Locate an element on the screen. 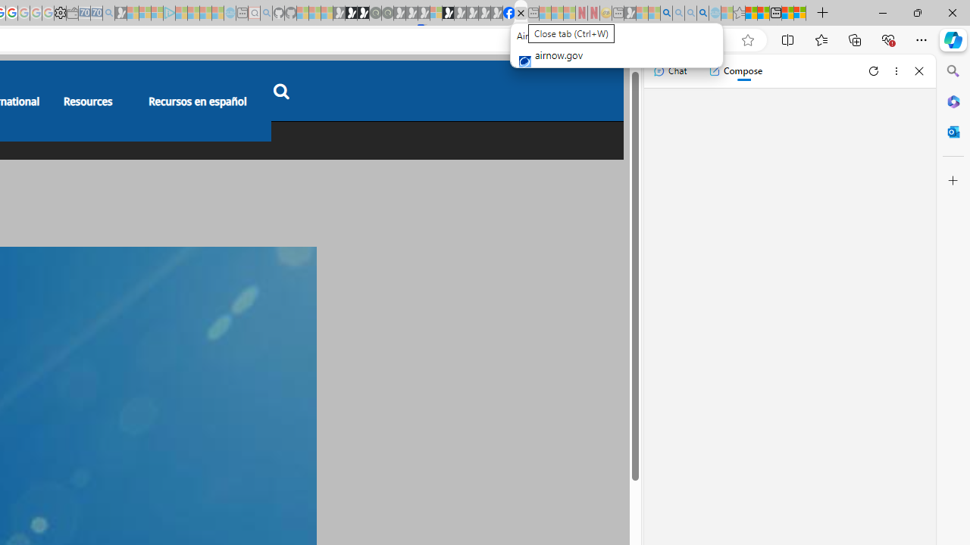 The height and width of the screenshot is (545, 970). 'Favorites - Sleeping' is located at coordinates (739, 13).